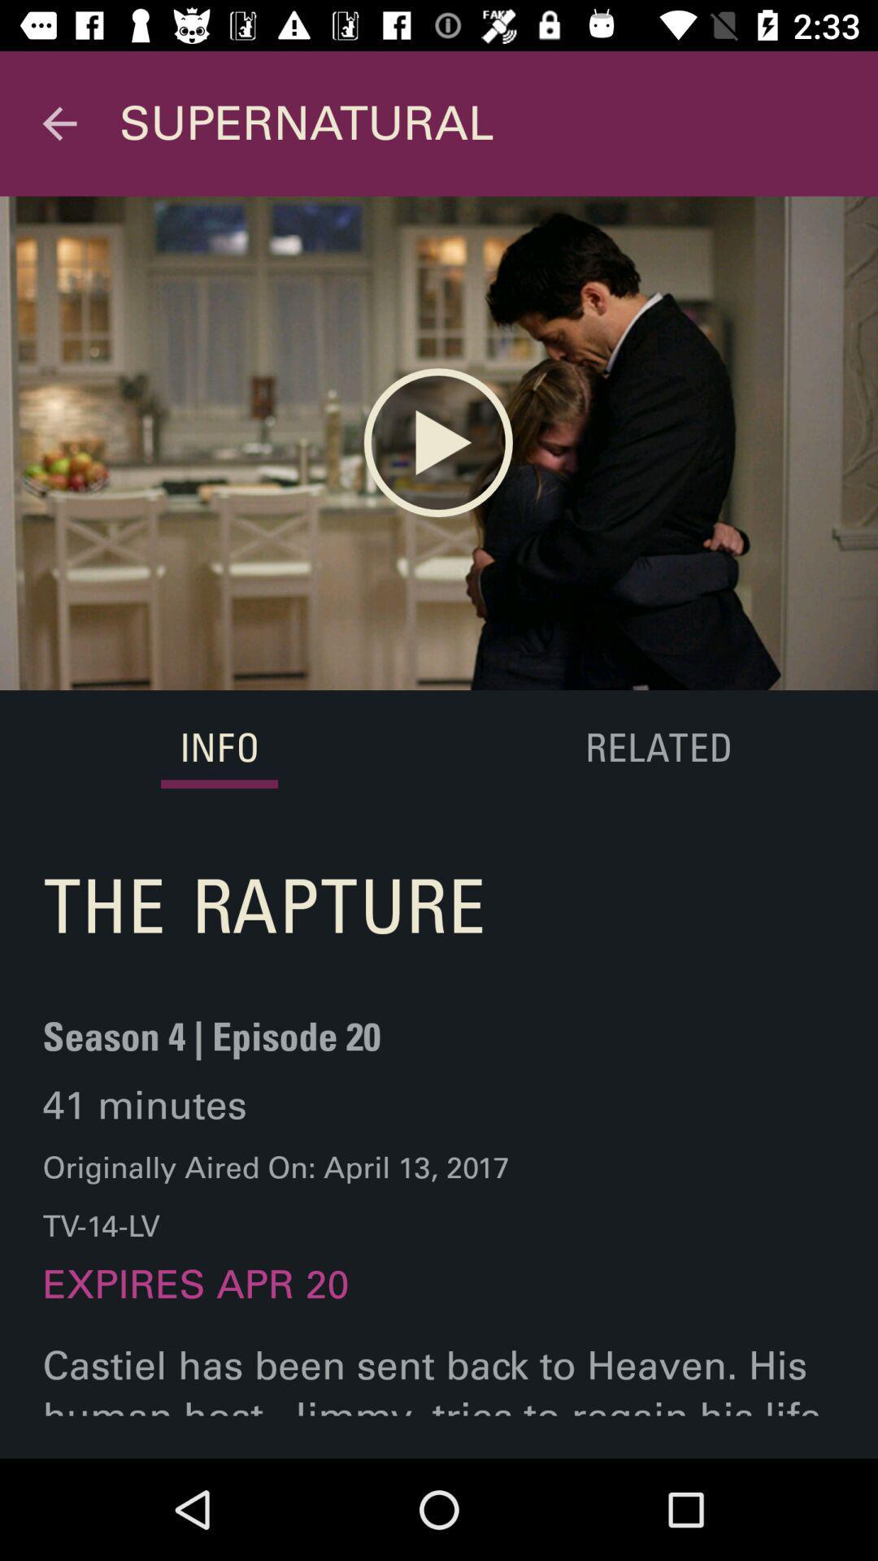 The height and width of the screenshot is (1561, 878). What do you see at coordinates (211, 1046) in the screenshot?
I see `season 4 episode` at bounding box center [211, 1046].